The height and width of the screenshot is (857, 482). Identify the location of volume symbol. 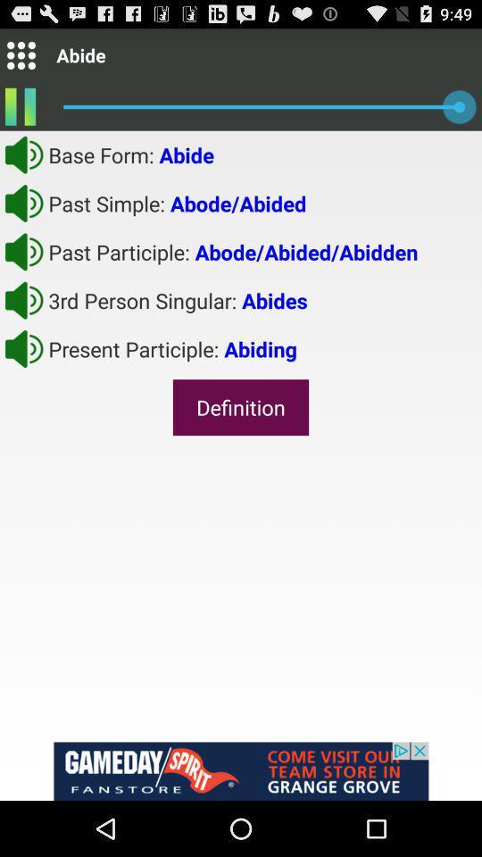
(23, 203).